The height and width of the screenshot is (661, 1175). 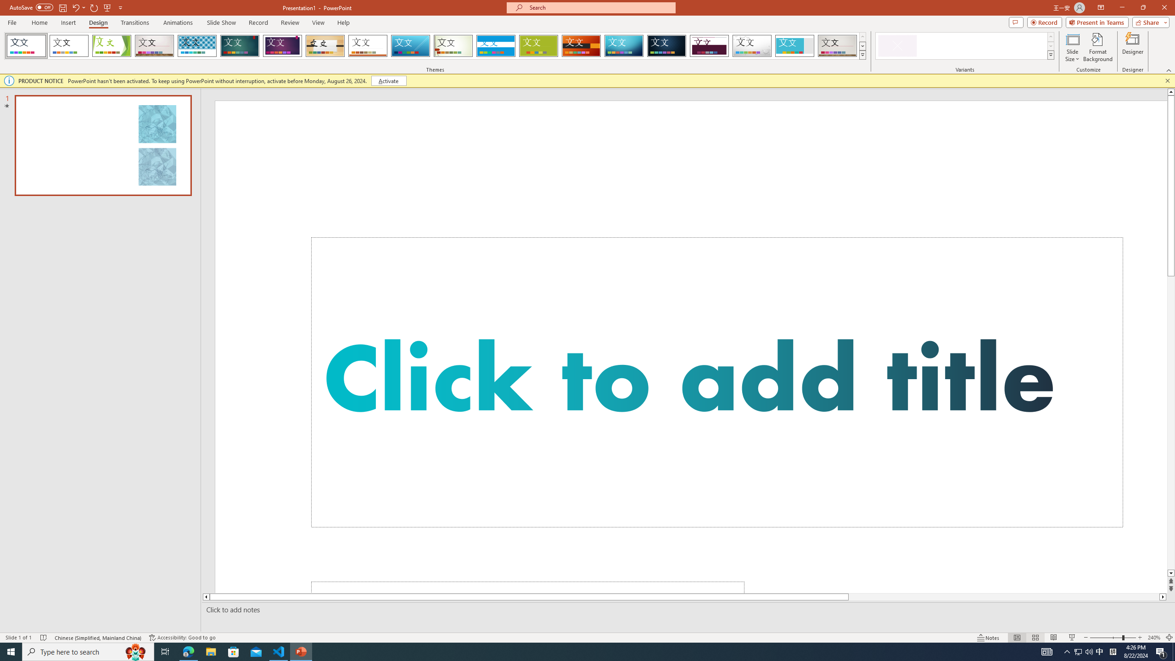 I want to click on 'Transitions', so click(x=134, y=22).